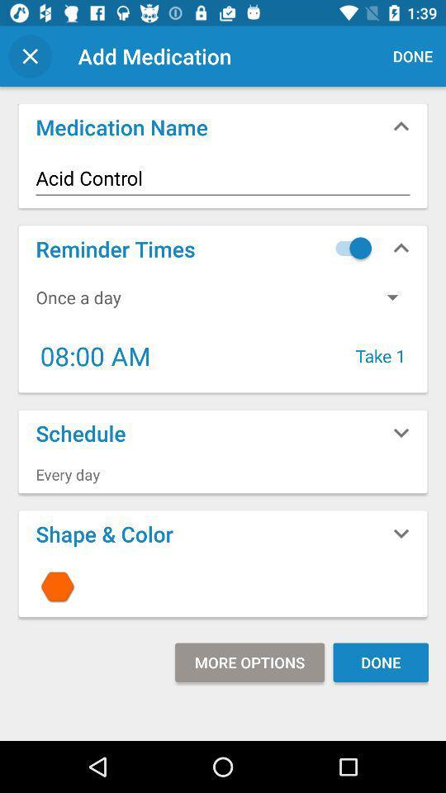 The height and width of the screenshot is (793, 446). What do you see at coordinates (249, 662) in the screenshot?
I see `the icon next to done` at bounding box center [249, 662].